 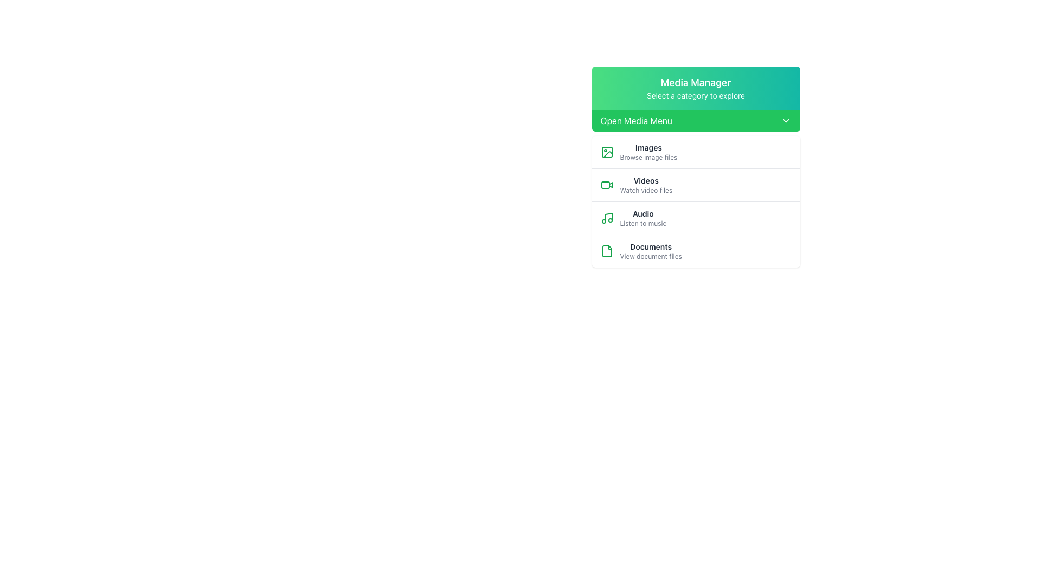 What do you see at coordinates (606, 251) in the screenshot?
I see `the file document icon located in the 'Documents' menu option within the Media Manager interface` at bounding box center [606, 251].